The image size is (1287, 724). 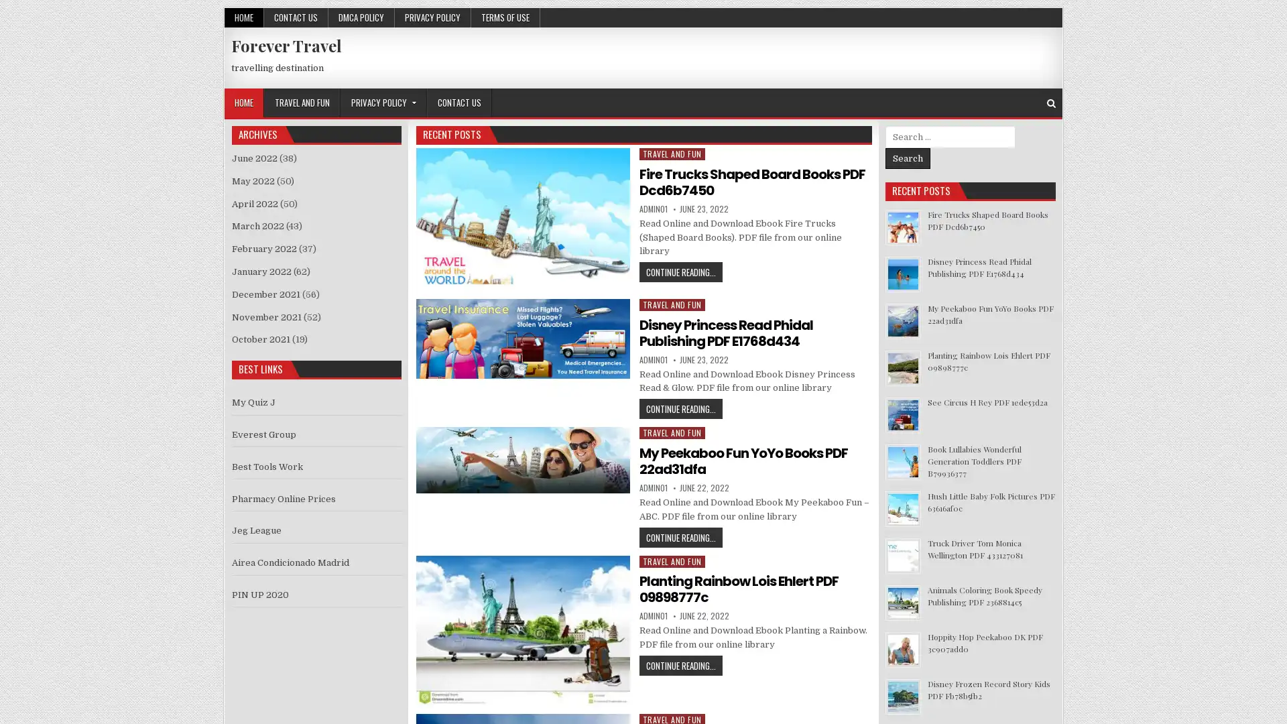 What do you see at coordinates (908, 158) in the screenshot?
I see `Search` at bounding box center [908, 158].